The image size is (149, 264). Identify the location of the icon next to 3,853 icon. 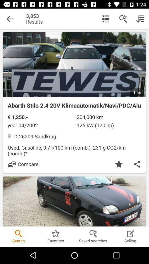
(10, 19).